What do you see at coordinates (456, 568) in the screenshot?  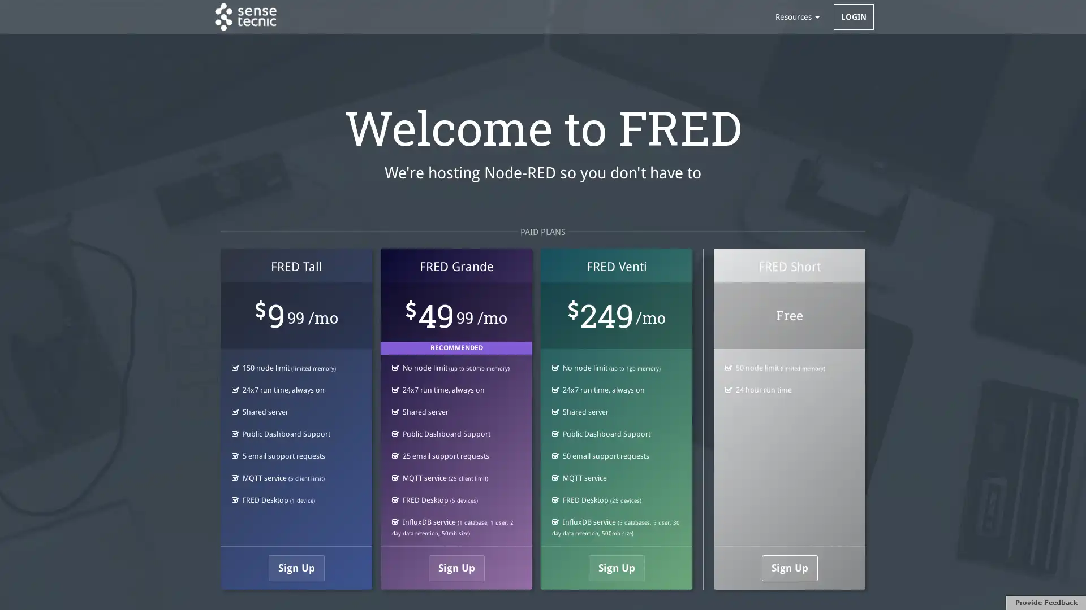 I see `Sign Up` at bounding box center [456, 568].